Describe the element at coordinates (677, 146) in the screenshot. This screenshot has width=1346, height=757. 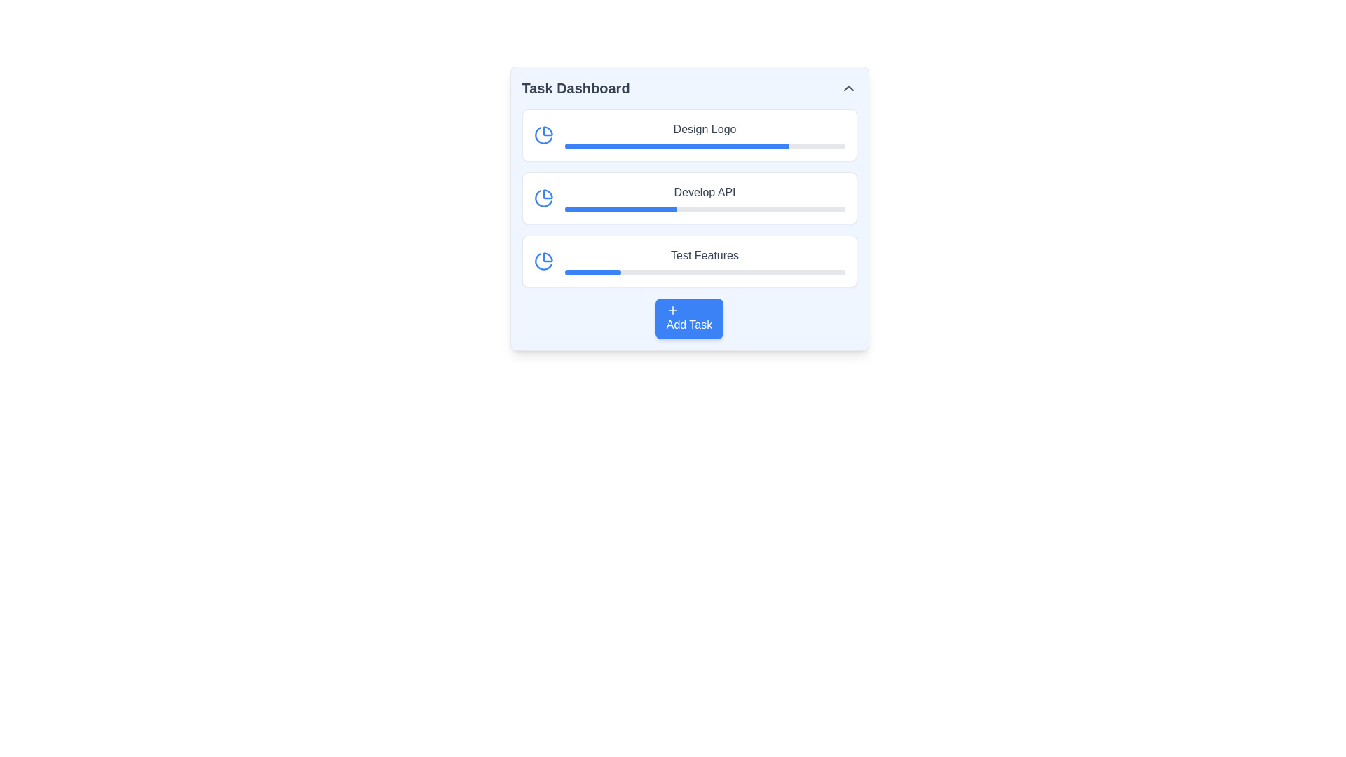
I see `the blue progress bar indicating the progress of the 'Design Logo' task within the 'Task Dashboard' interface` at that location.